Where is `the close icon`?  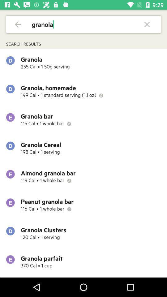 the close icon is located at coordinates (147, 24).